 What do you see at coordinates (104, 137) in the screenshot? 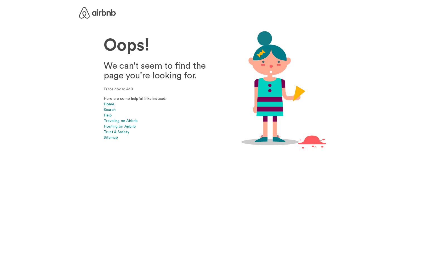
I see `'Sitemap'` at bounding box center [104, 137].